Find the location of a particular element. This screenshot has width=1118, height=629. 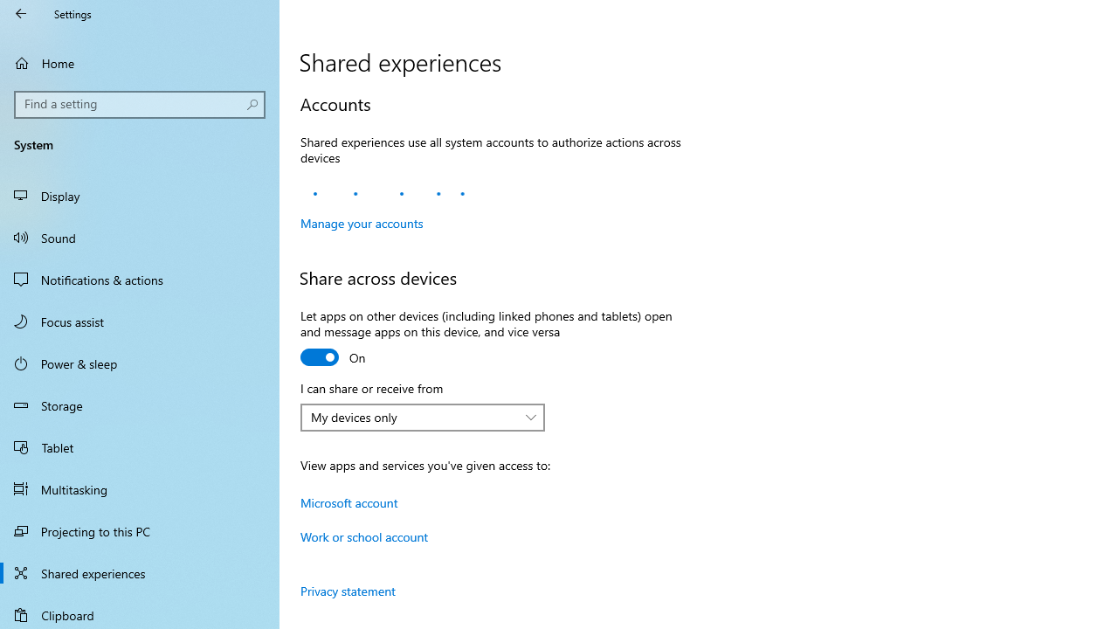

'Work or school account' is located at coordinates (363, 536).